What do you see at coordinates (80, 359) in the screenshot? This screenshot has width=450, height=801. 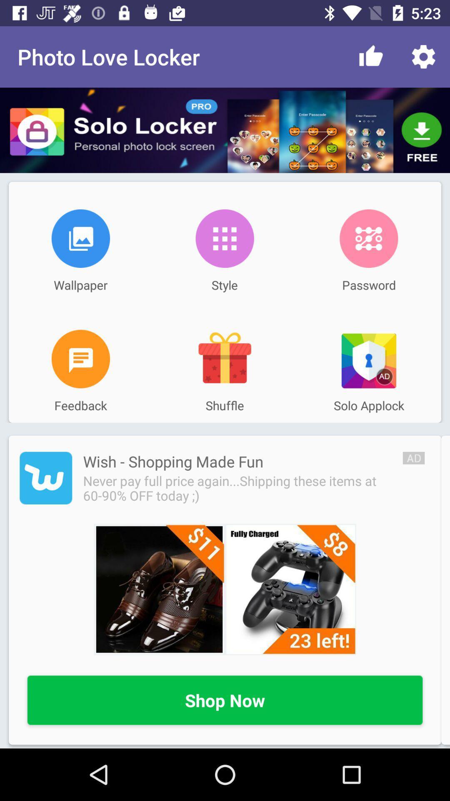 I see `item next to the shuffle` at bounding box center [80, 359].